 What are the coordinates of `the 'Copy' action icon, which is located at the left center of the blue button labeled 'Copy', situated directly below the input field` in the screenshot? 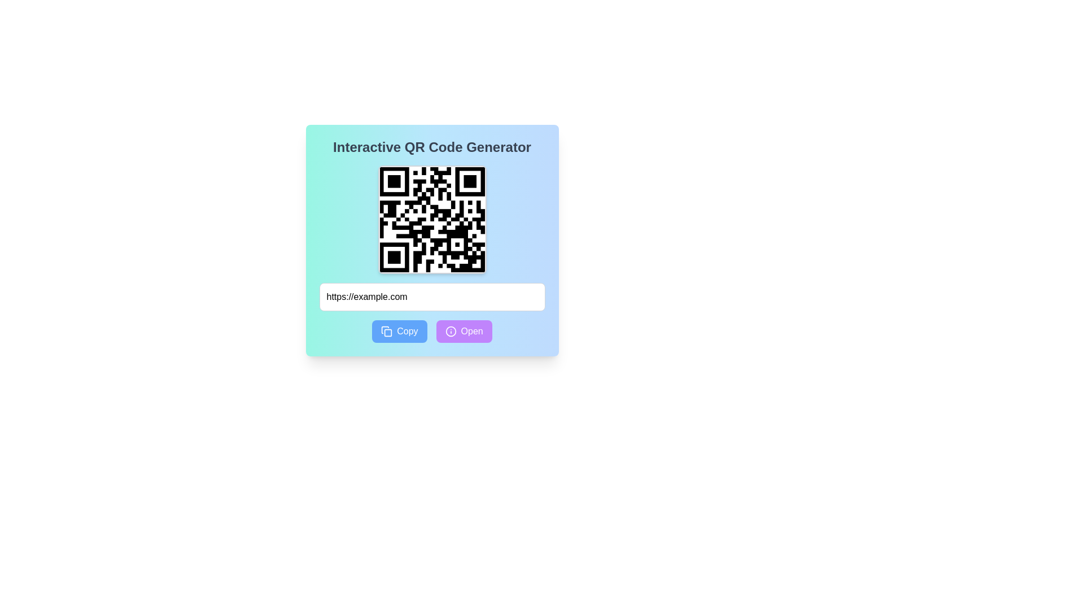 It's located at (387, 330).